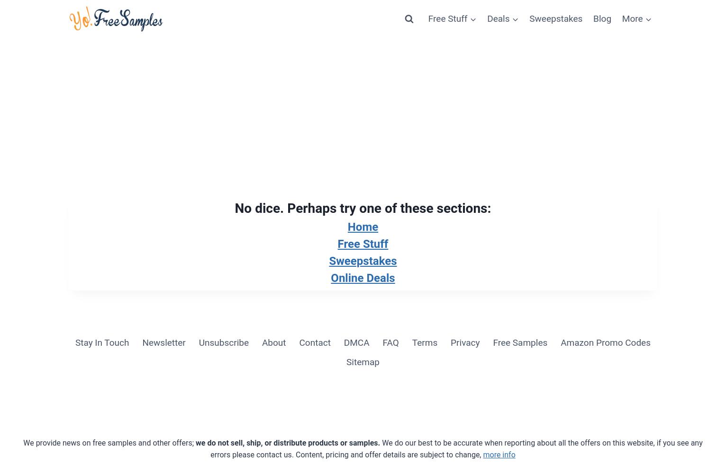 Image resolution: width=726 pixels, height=473 pixels. Describe the element at coordinates (362, 362) in the screenshot. I see `'Sitemap'` at that location.